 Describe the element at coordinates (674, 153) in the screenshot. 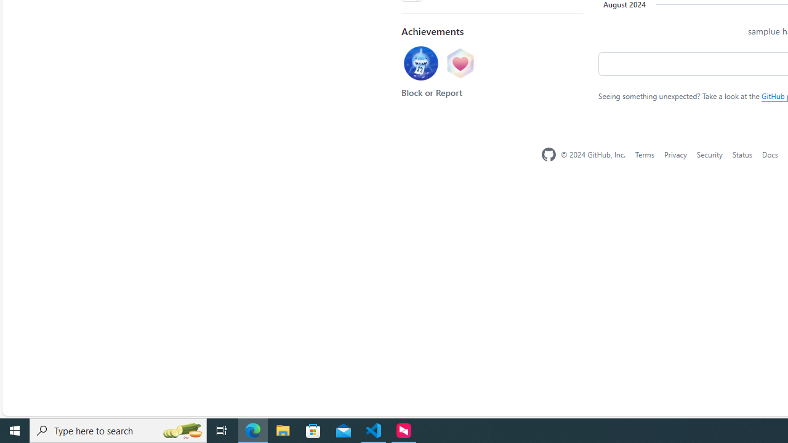

I see `'Privacy'` at that location.